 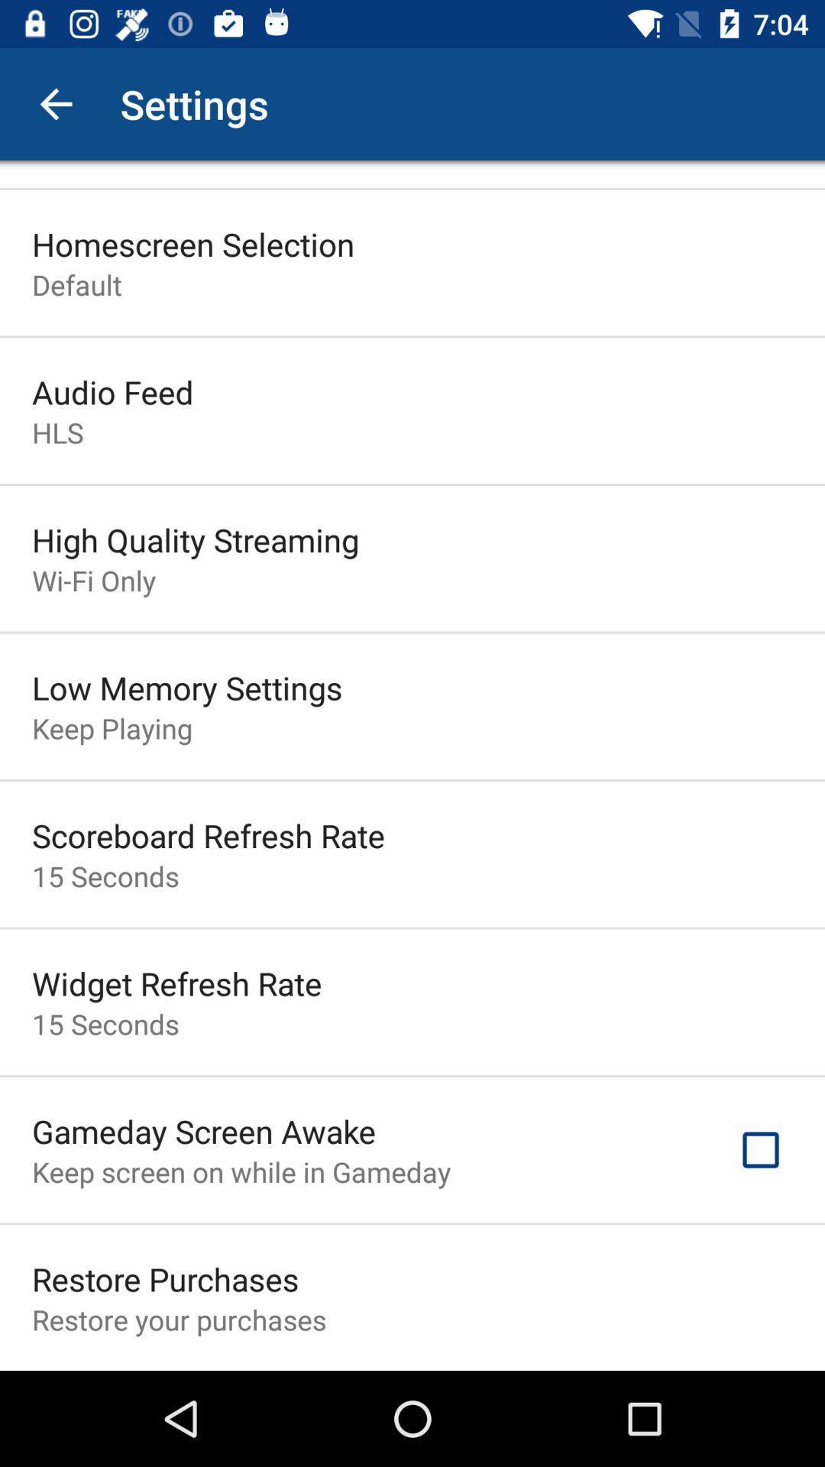 I want to click on audio feed item, so click(x=112, y=392).